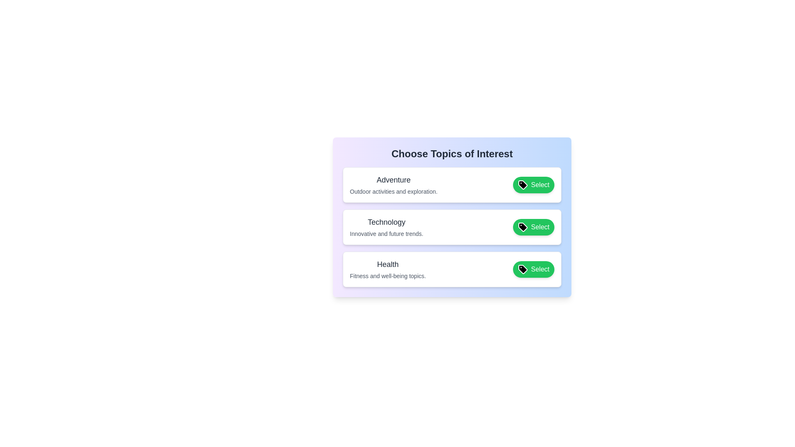 The image size is (795, 447). I want to click on 'Select' button for the tag Adventure, so click(533, 185).